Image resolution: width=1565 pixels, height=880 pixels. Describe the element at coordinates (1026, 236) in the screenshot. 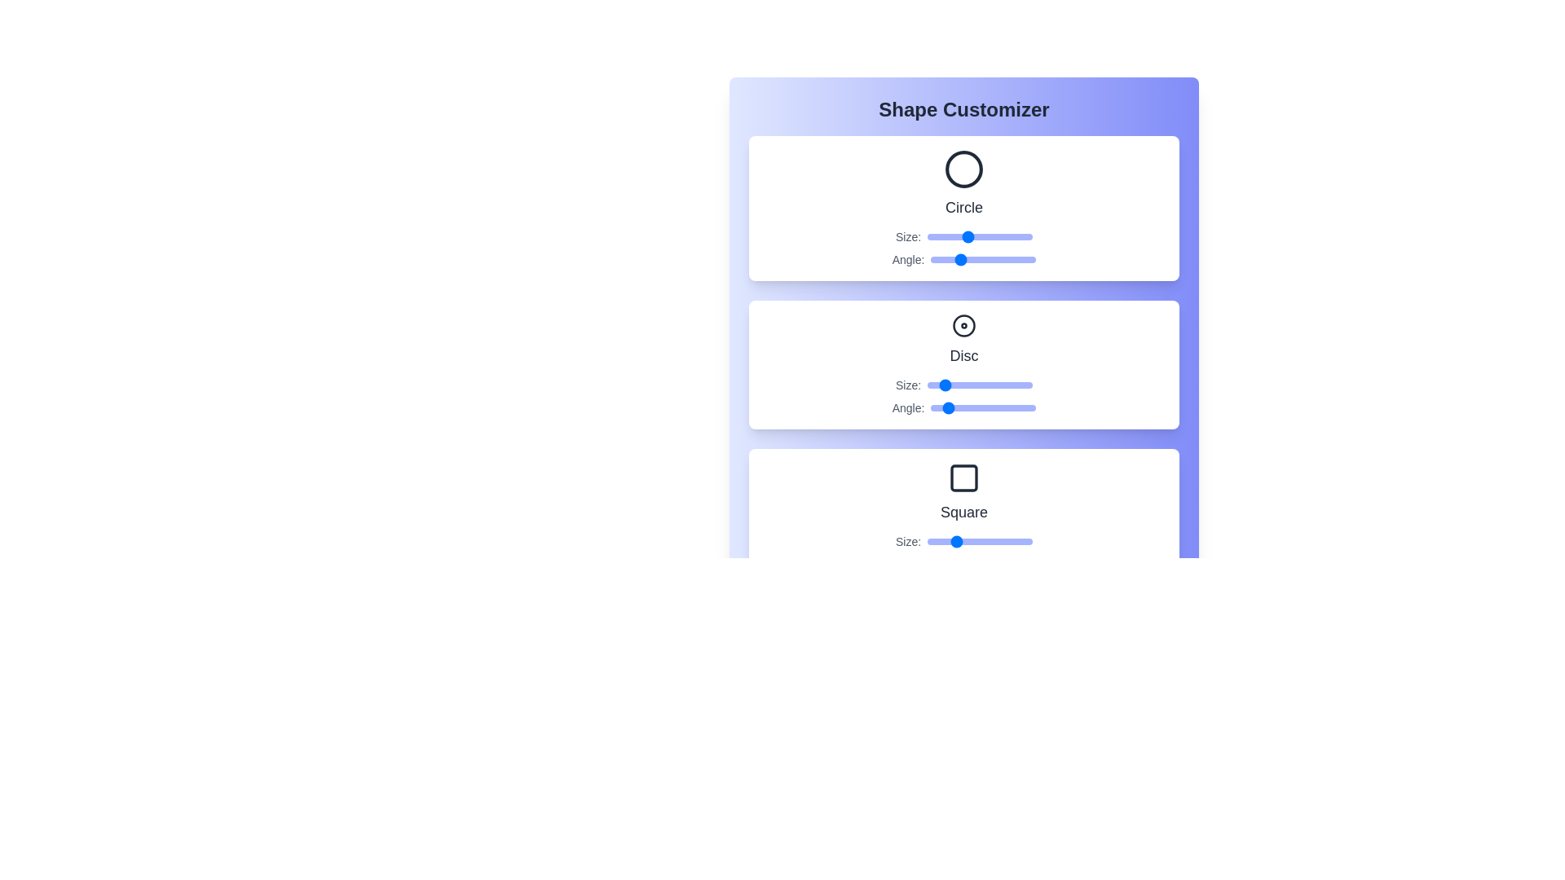

I see `the Circle size slider to 96` at that location.